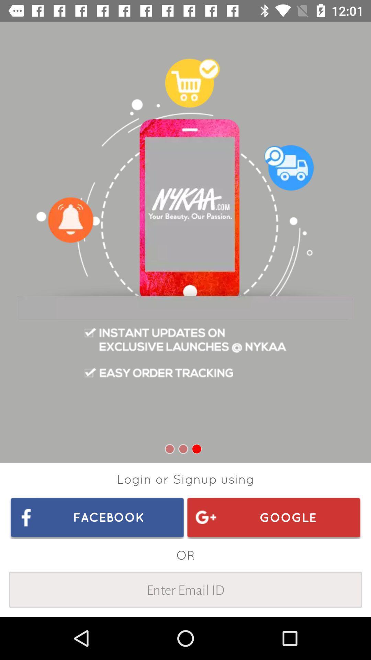 The image size is (371, 660). What do you see at coordinates (185, 589) in the screenshot?
I see `enter email id icon` at bounding box center [185, 589].